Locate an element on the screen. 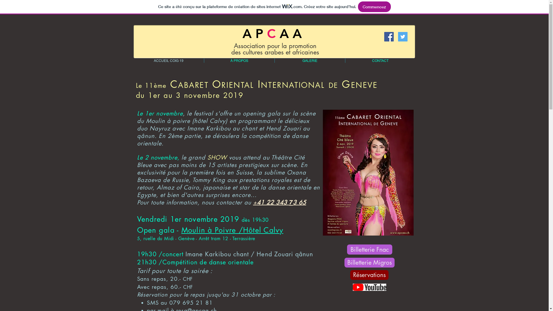  '+41 22 343' is located at coordinates (270, 202).